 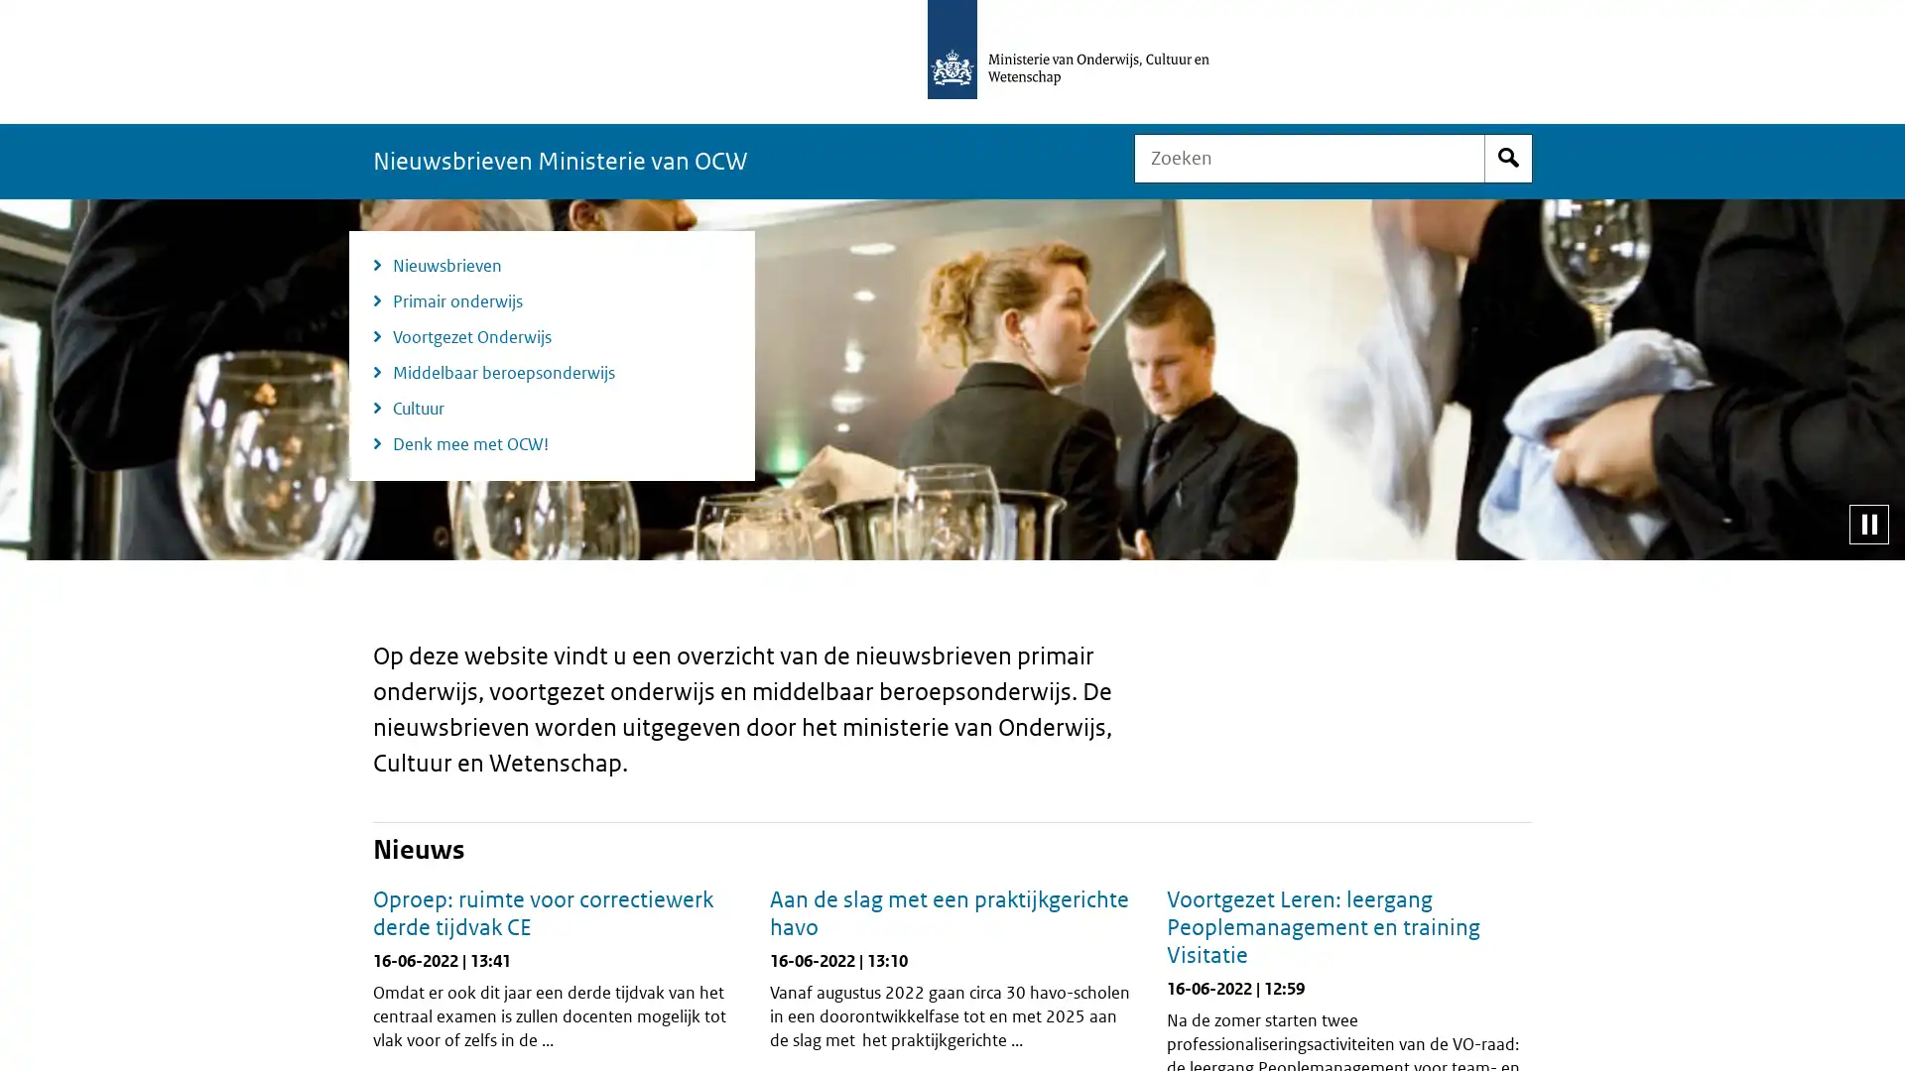 I want to click on Pauzeer diashow, so click(x=1867, y=523).